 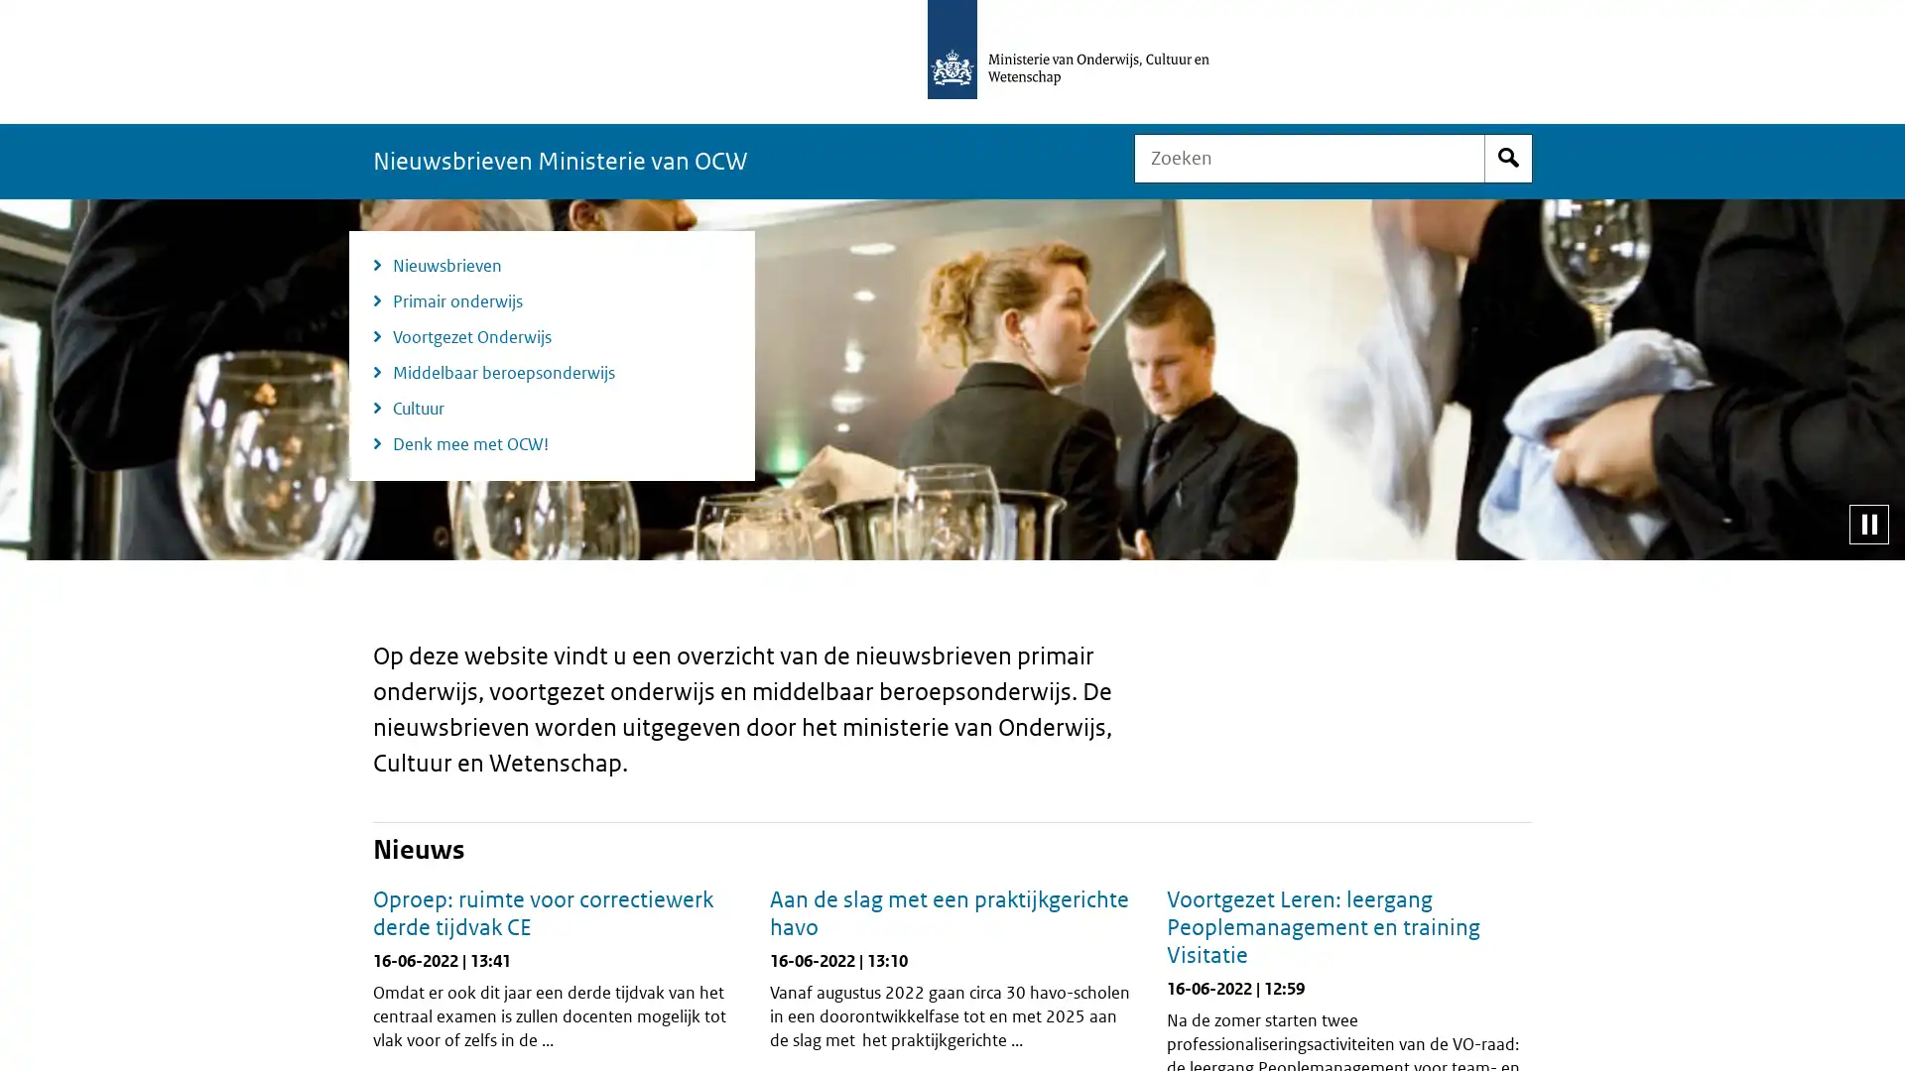 I want to click on Pauzeer diashow, so click(x=1867, y=523).